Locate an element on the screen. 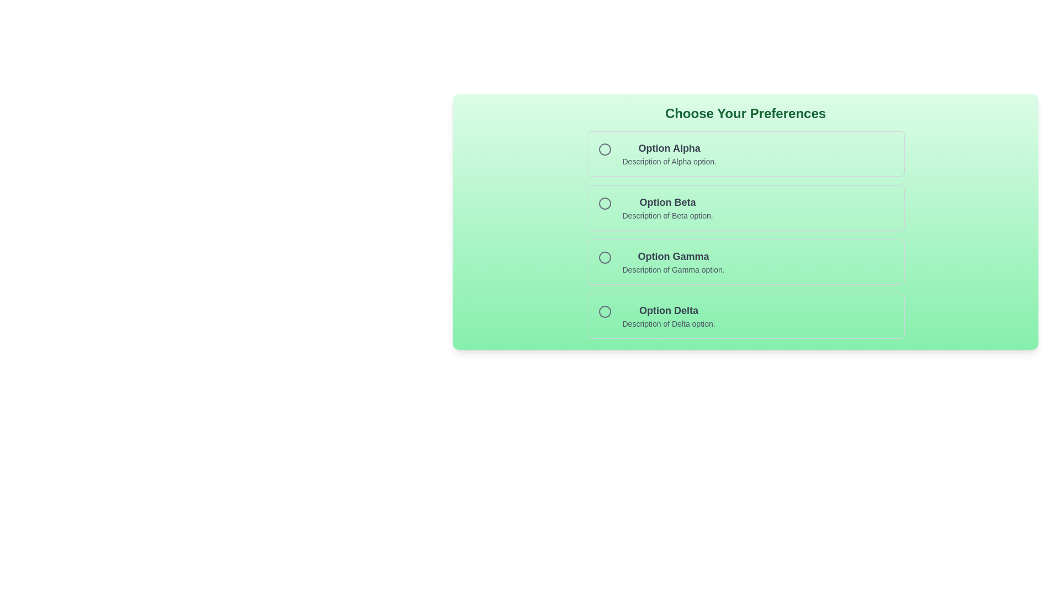 The image size is (1060, 596). the radio button icon located next to the label 'Option Delta' is located at coordinates (604, 311).